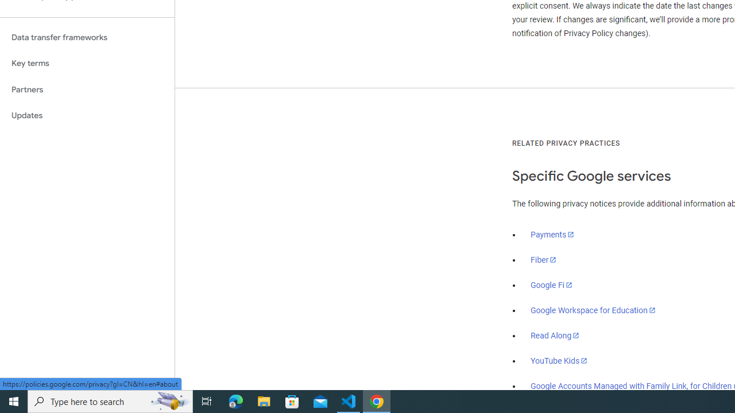 The width and height of the screenshot is (735, 413). Describe the element at coordinates (559, 360) in the screenshot. I see `'YouTube Kids'` at that location.